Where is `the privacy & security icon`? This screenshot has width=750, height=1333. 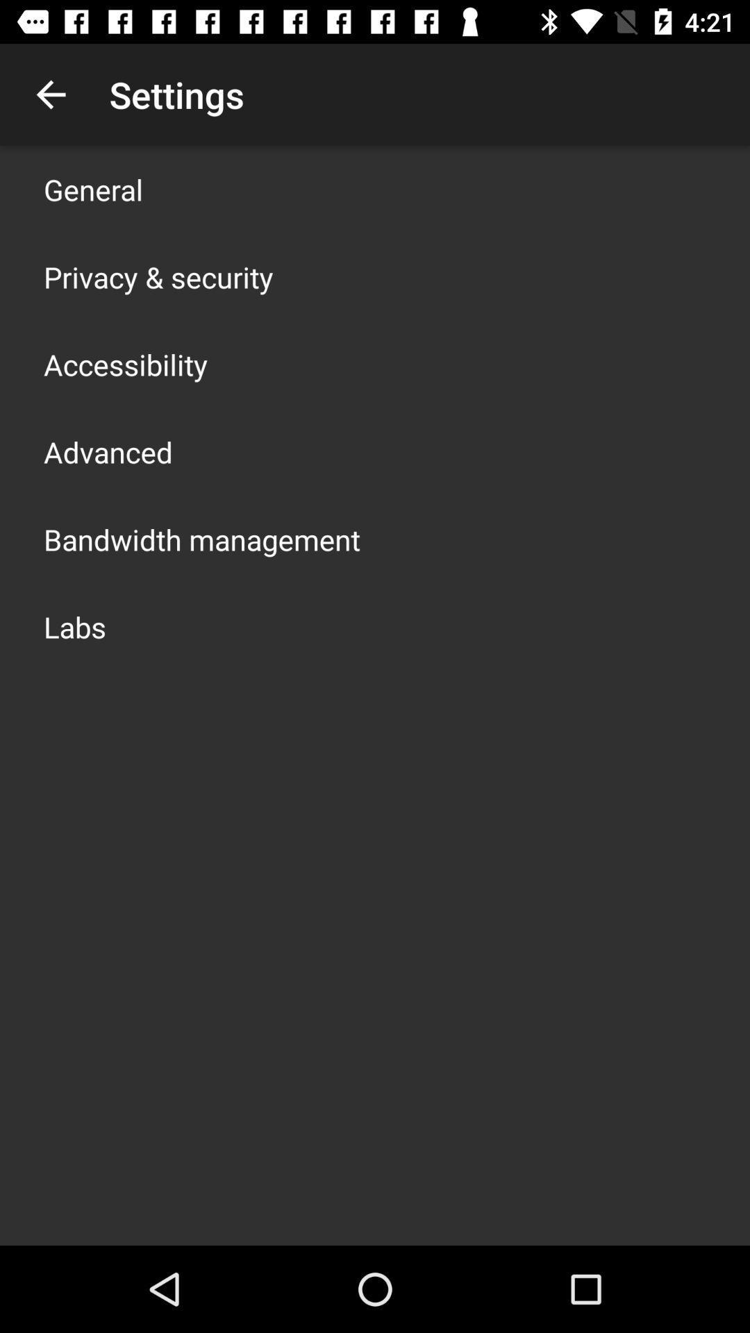 the privacy & security icon is located at coordinates (158, 276).